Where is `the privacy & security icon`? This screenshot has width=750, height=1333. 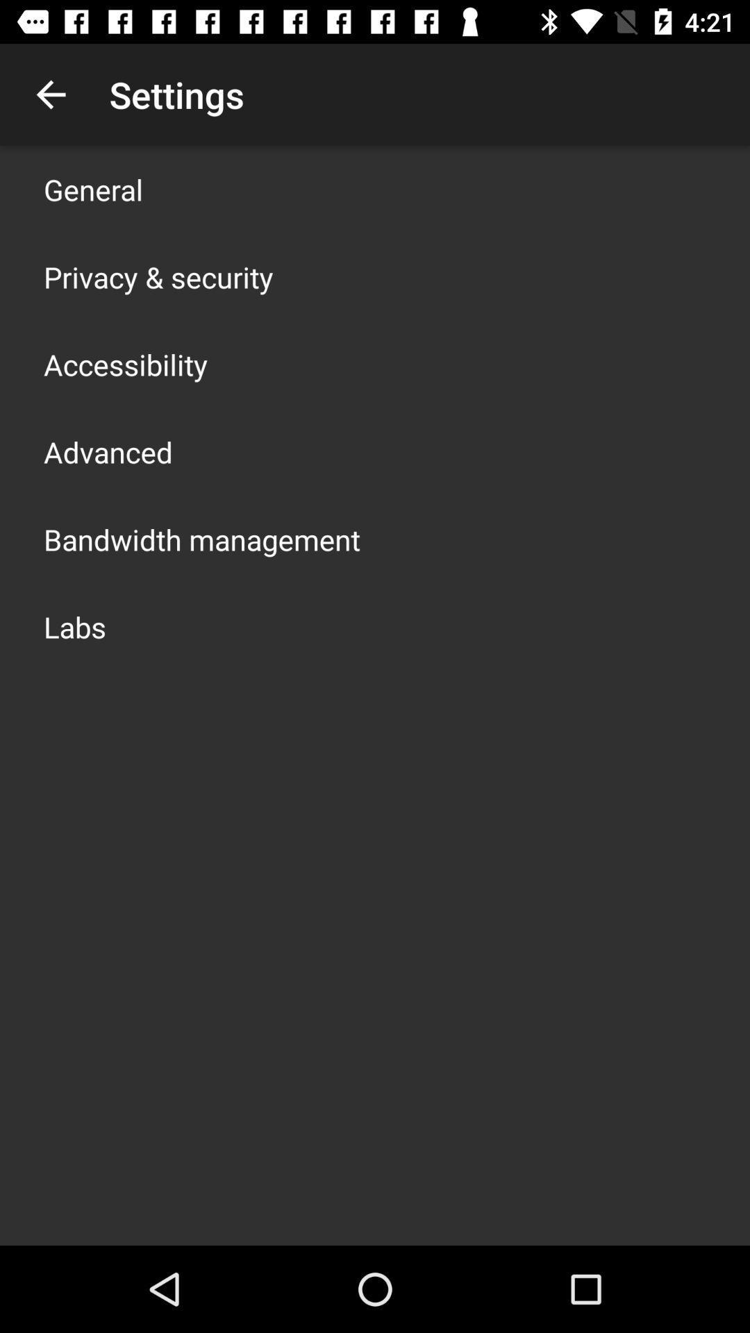 the privacy & security icon is located at coordinates (158, 276).